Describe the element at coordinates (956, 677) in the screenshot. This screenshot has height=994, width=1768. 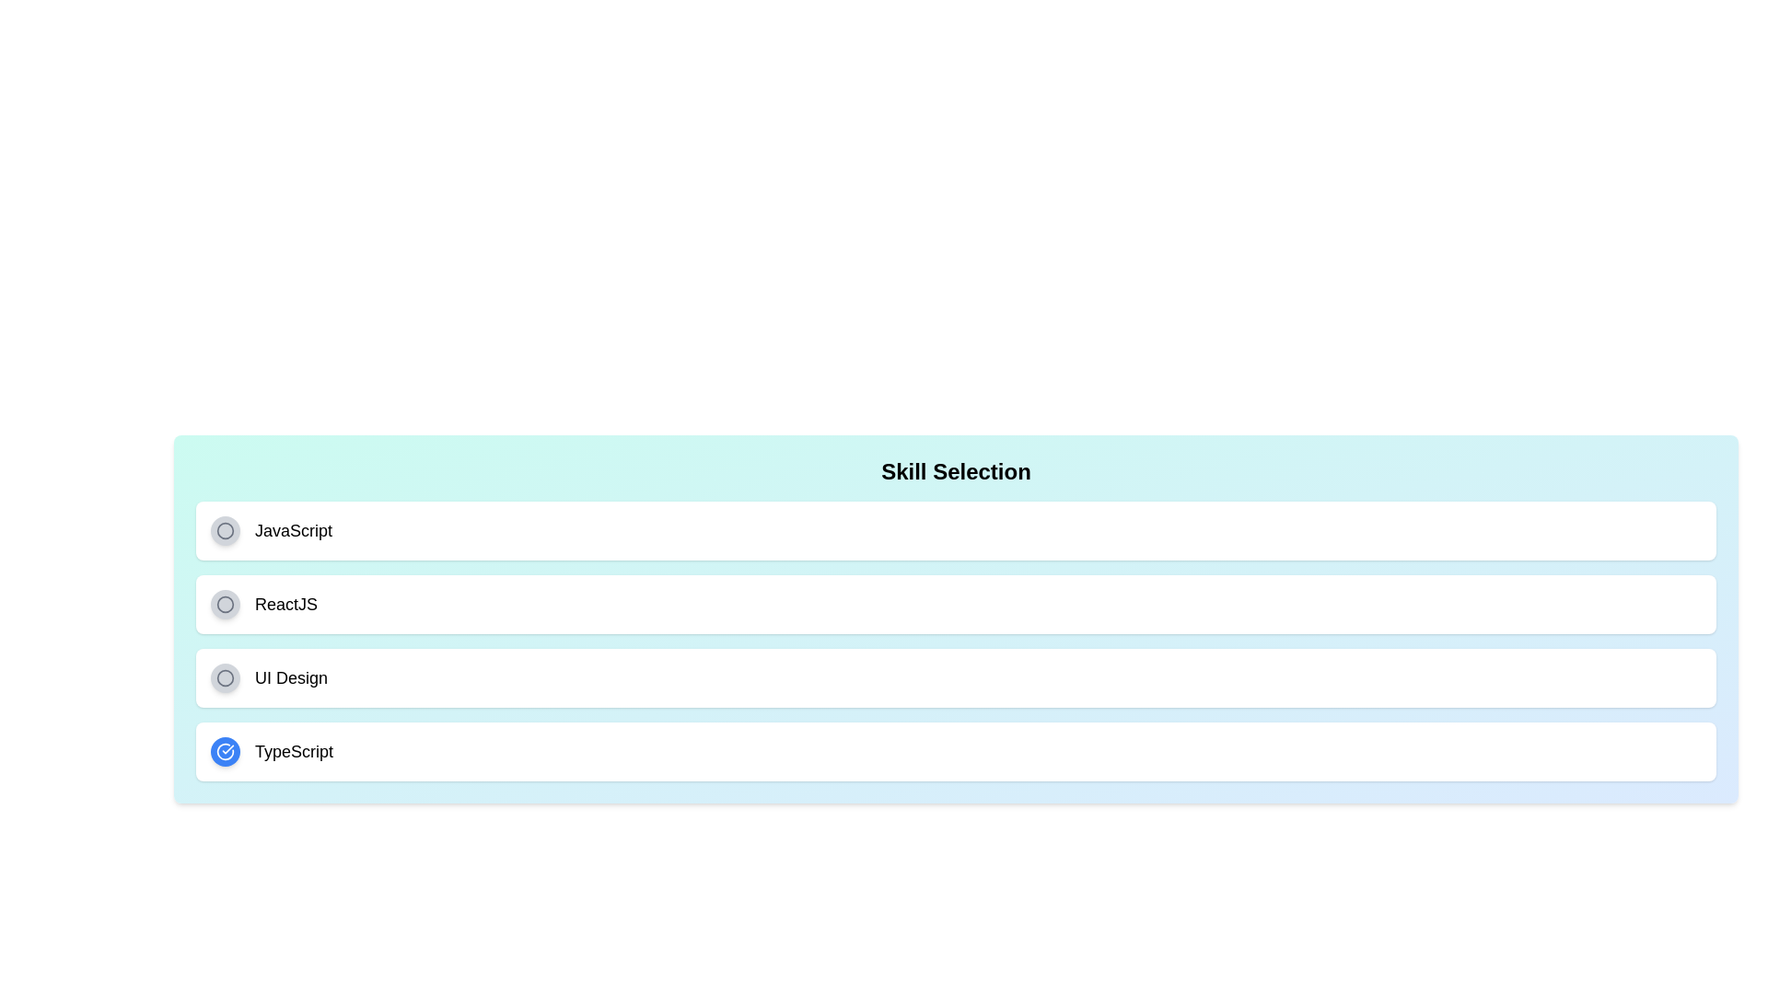
I see `the skill item UI Design` at that location.